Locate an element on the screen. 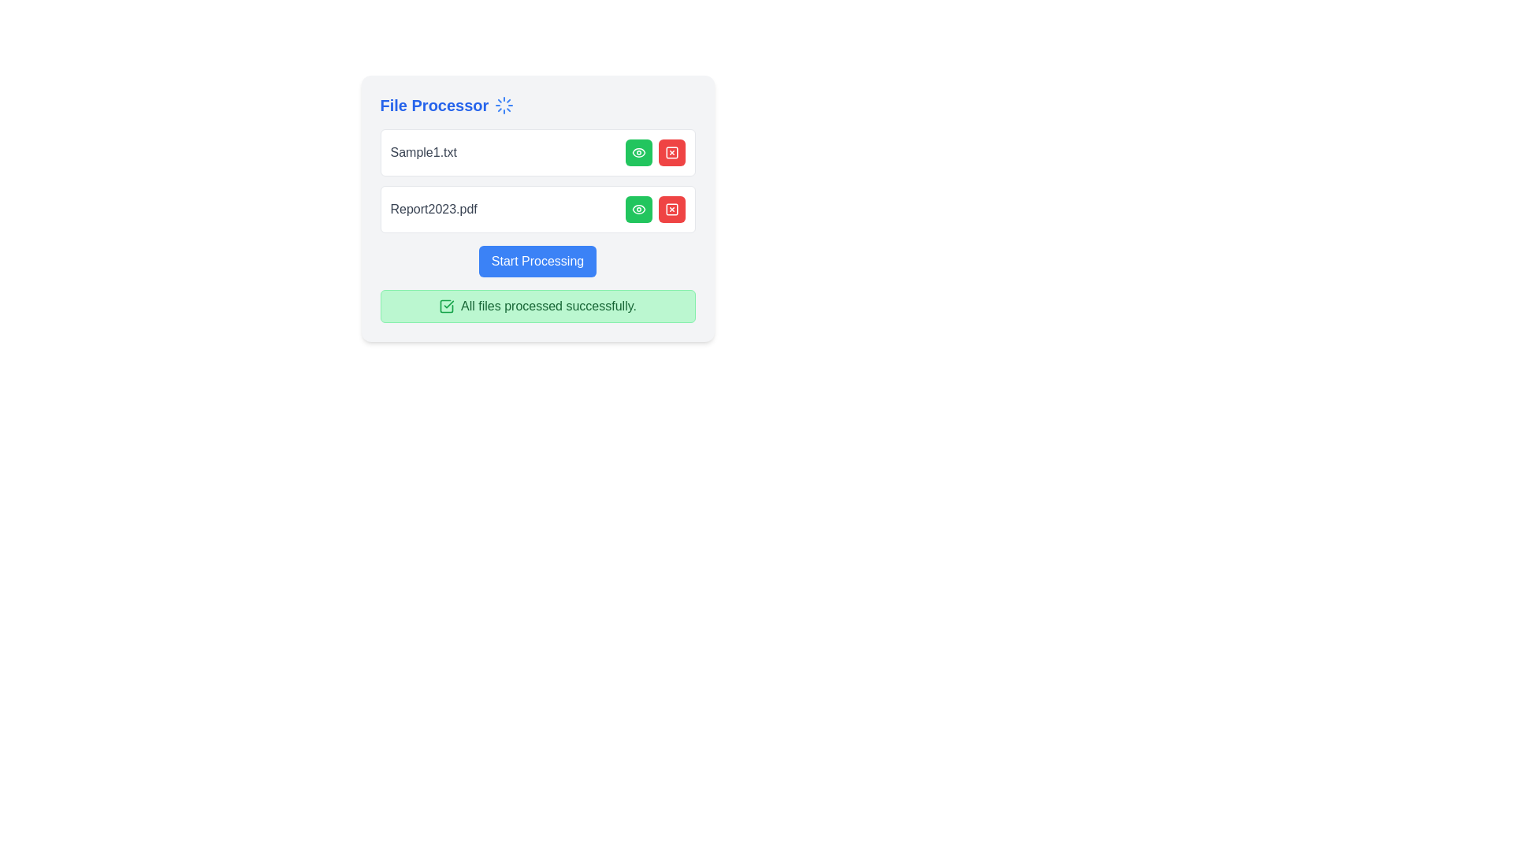 The image size is (1513, 851). the visual feedback of the Spinner icon located to the right of the 'File Processor' text in the header section of the card is located at coordinates (504, 106).